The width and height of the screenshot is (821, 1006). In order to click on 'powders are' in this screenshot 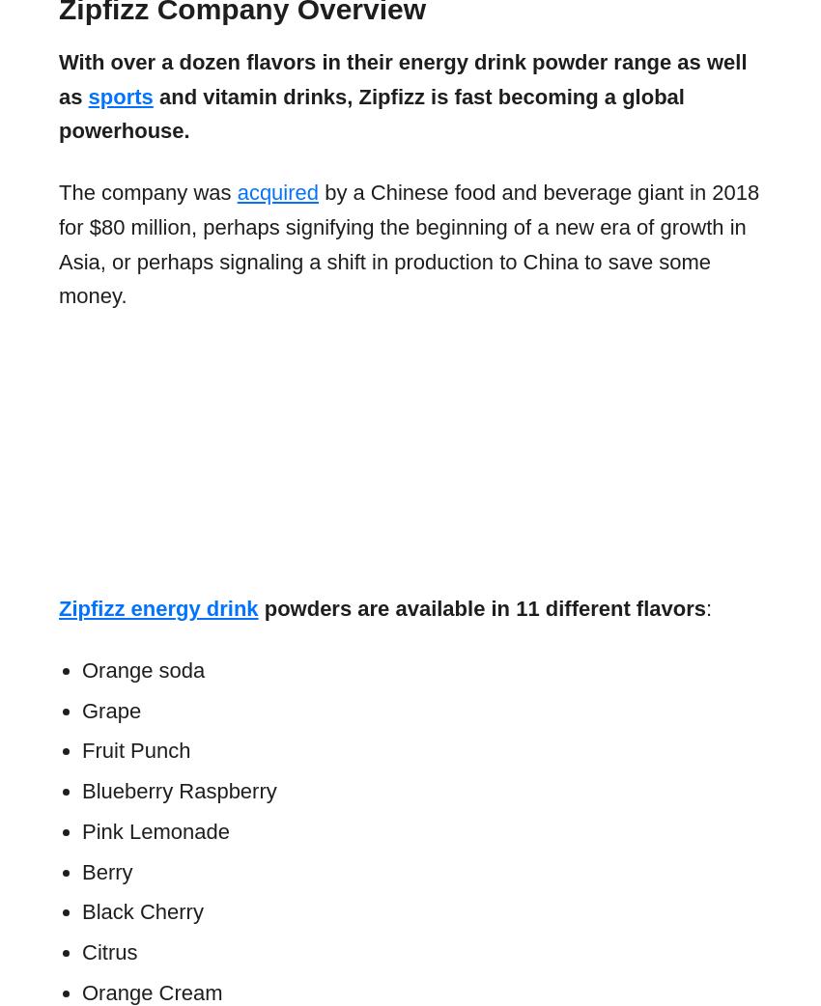, I will do `click(323, 608)`.